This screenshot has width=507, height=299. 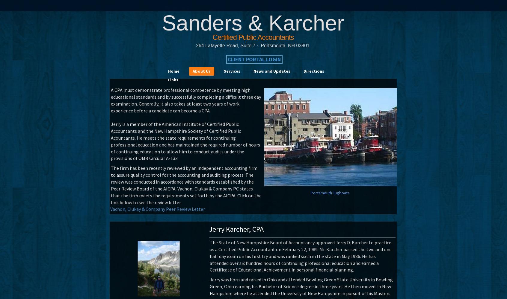 I want to click on 'Directions', so click(x=313, y=71).